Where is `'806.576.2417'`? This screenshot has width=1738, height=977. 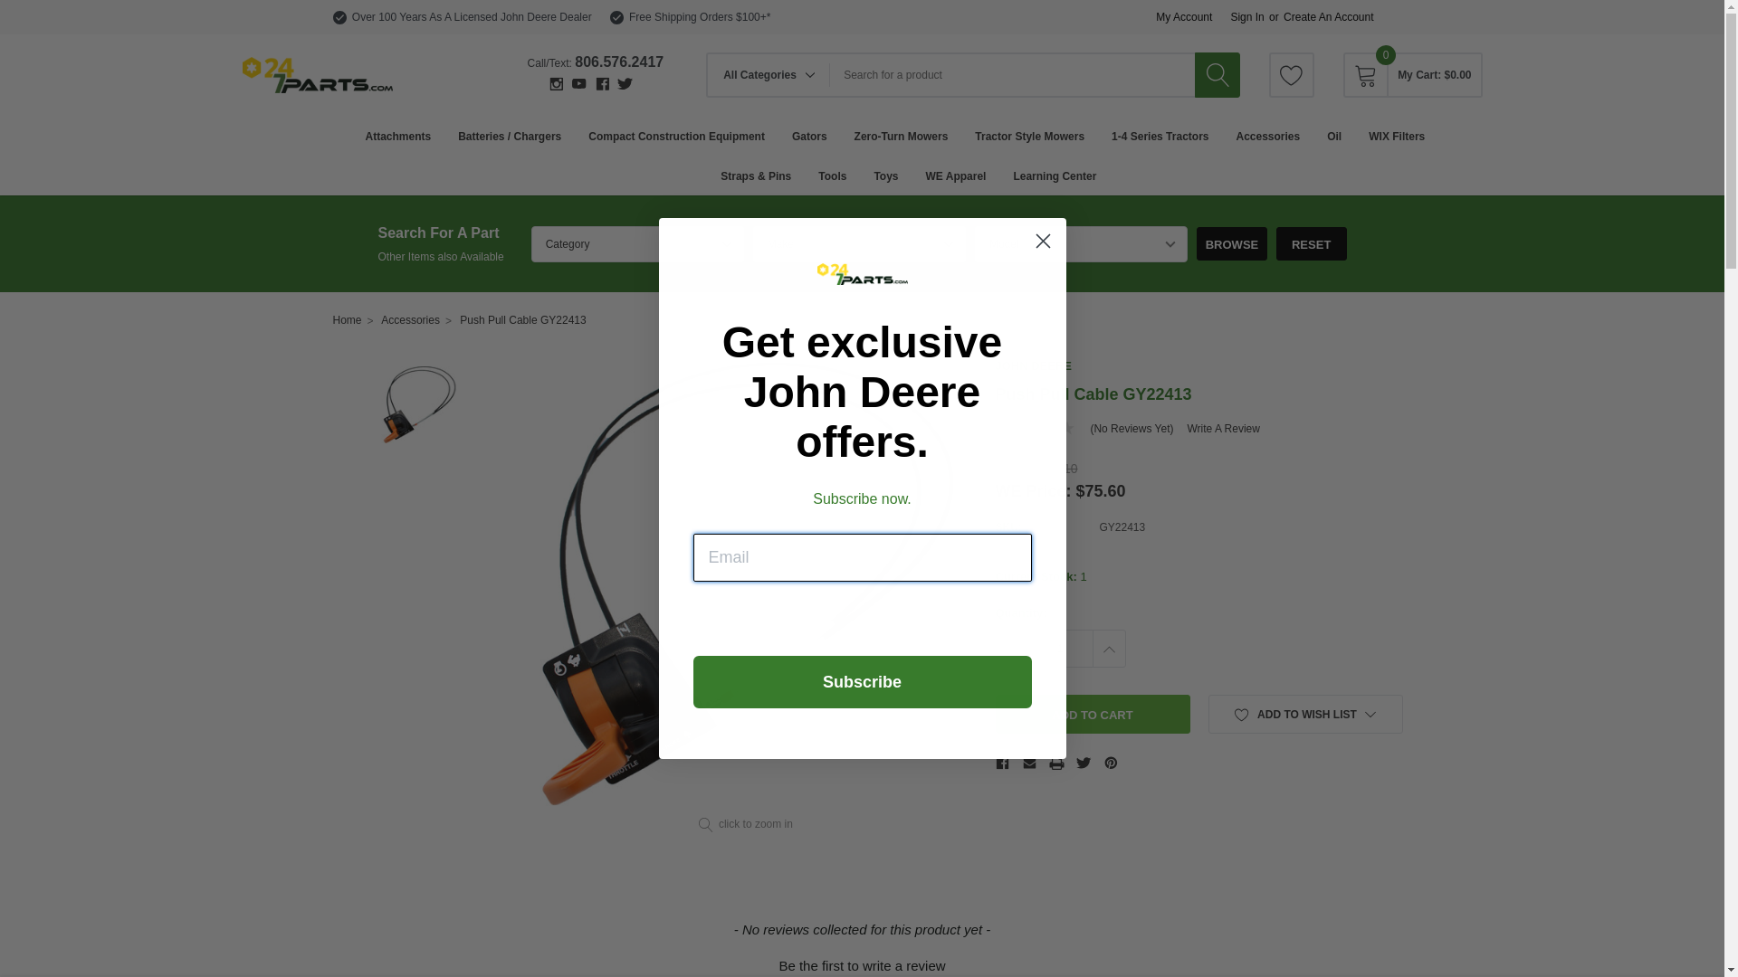
'806.576.2417' is located at coordinates (619, 61).